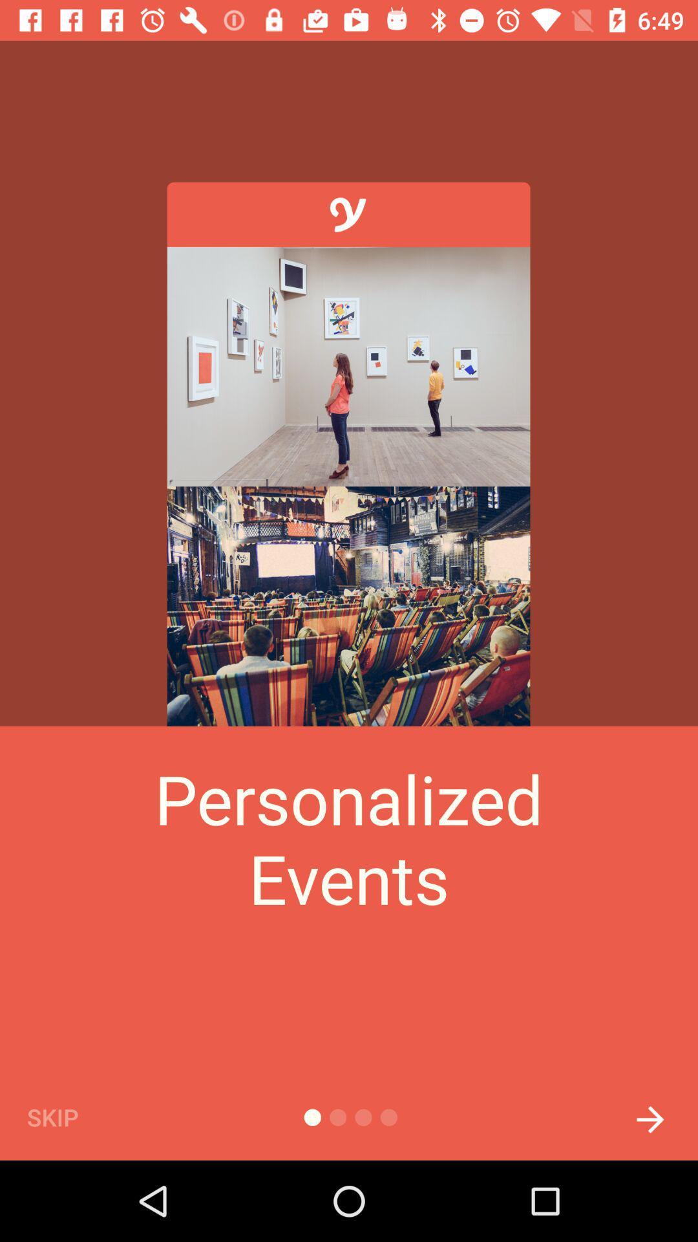 This screenshot has height=1242, width=698. I want to click on next, so click(650, 1115).